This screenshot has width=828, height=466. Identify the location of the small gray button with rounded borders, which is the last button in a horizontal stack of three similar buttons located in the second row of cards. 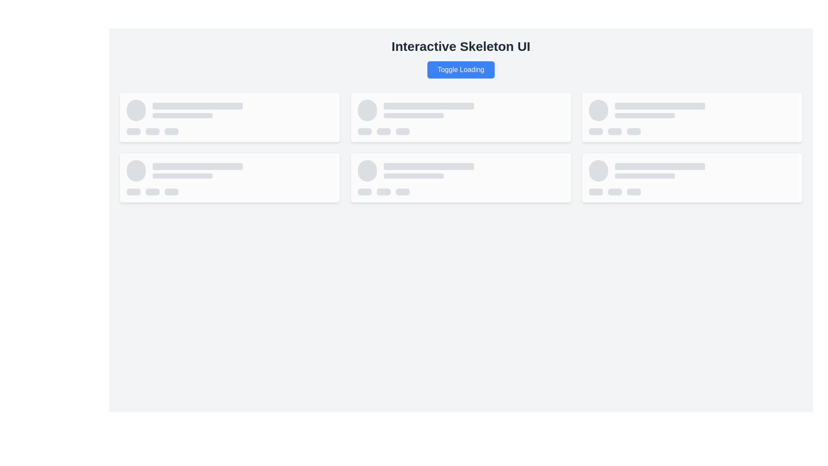
(172, 131).